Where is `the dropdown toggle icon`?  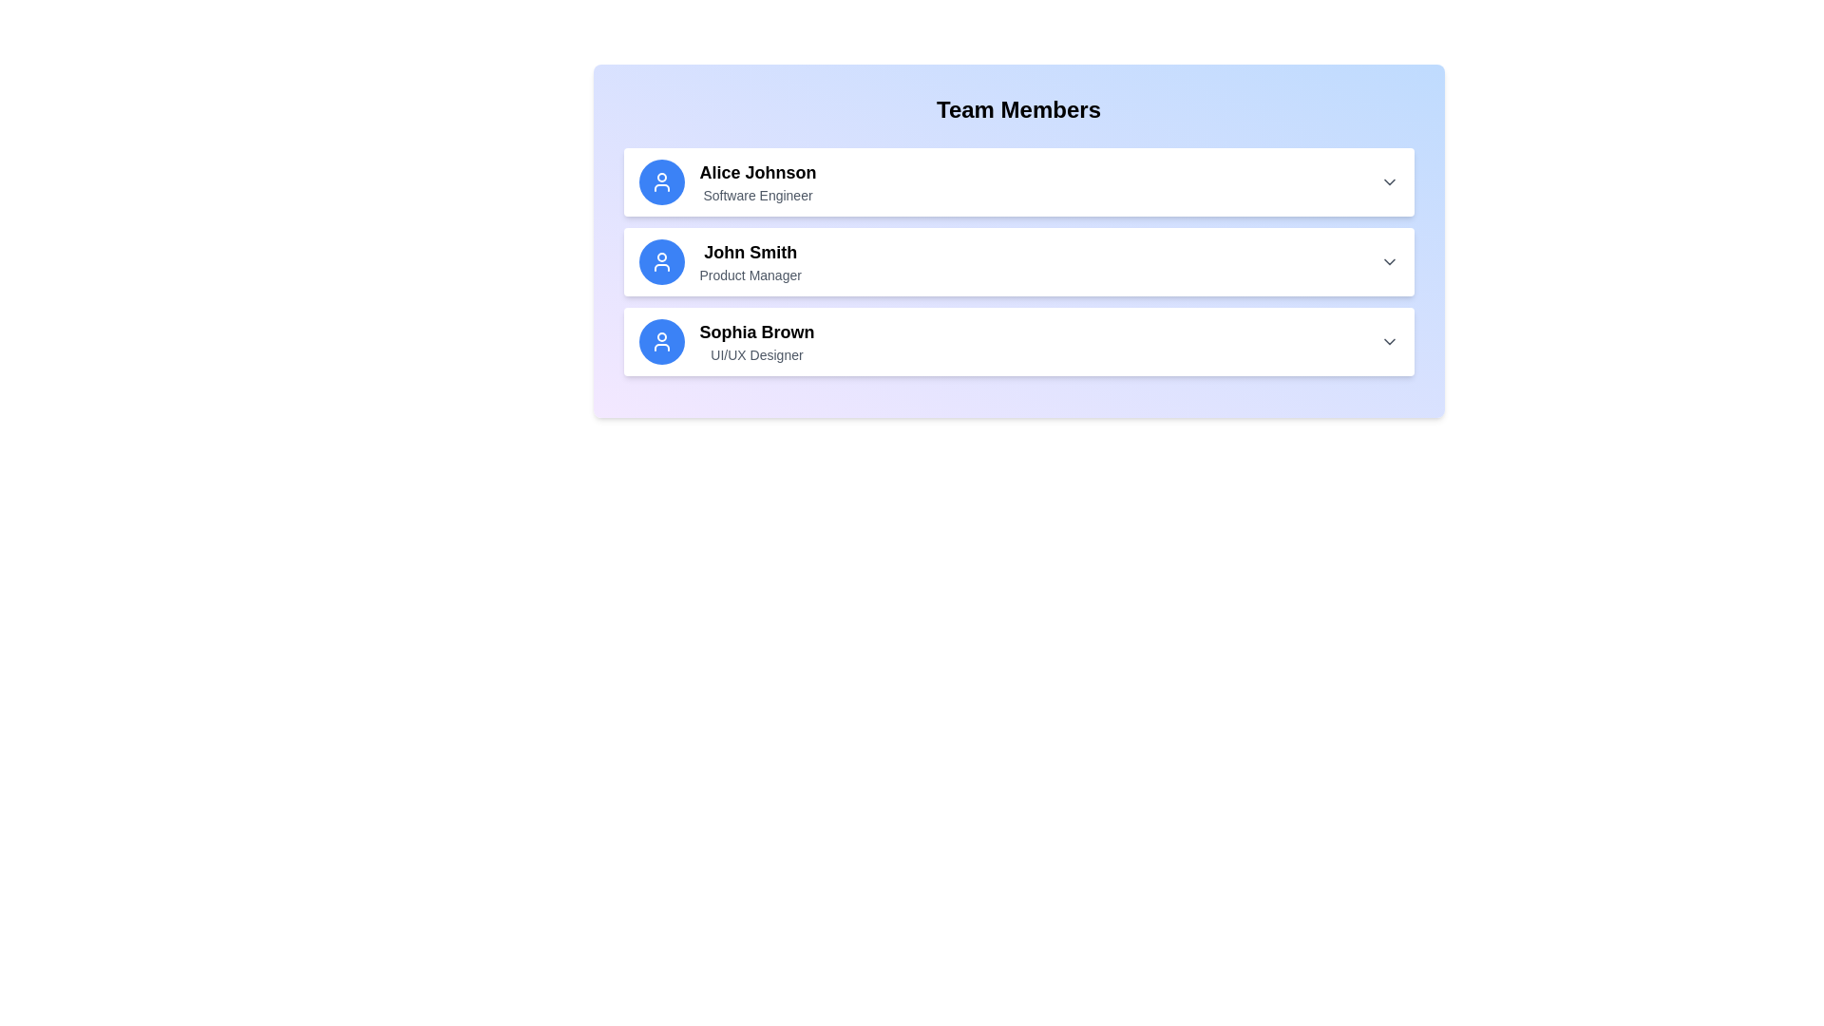 the dropdown toggle icon is located at coordinates (1389, 182).